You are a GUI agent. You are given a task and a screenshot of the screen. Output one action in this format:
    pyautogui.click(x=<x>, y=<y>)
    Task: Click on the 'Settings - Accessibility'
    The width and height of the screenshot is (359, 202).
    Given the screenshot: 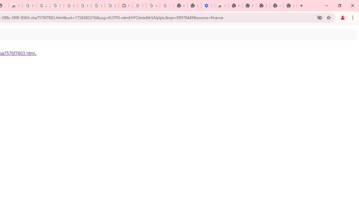 What is the action you would take?
    pyautogui.click(x=208, y=6)
    